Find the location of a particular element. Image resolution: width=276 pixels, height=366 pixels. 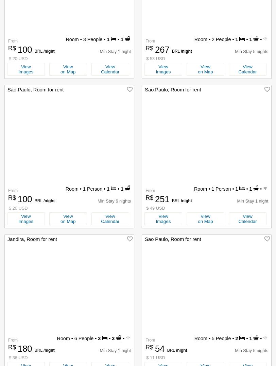

'5 People
•' is located at coordinates (223, 338).